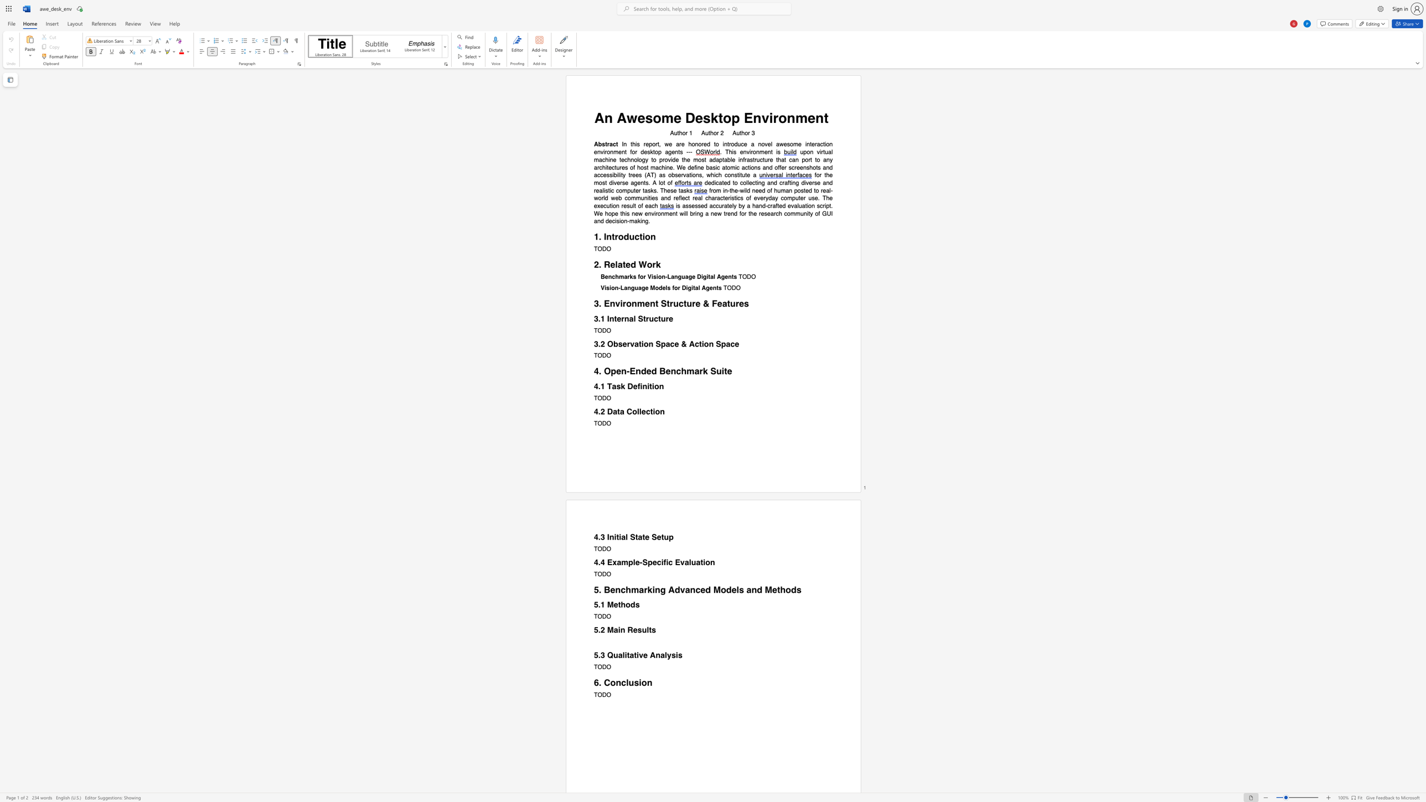 The height and width of the screenshot is (802, 1426). I want to click on the subset text "luation" within the text "4.4 Example-Specific Evaluation", so click(689, 562).